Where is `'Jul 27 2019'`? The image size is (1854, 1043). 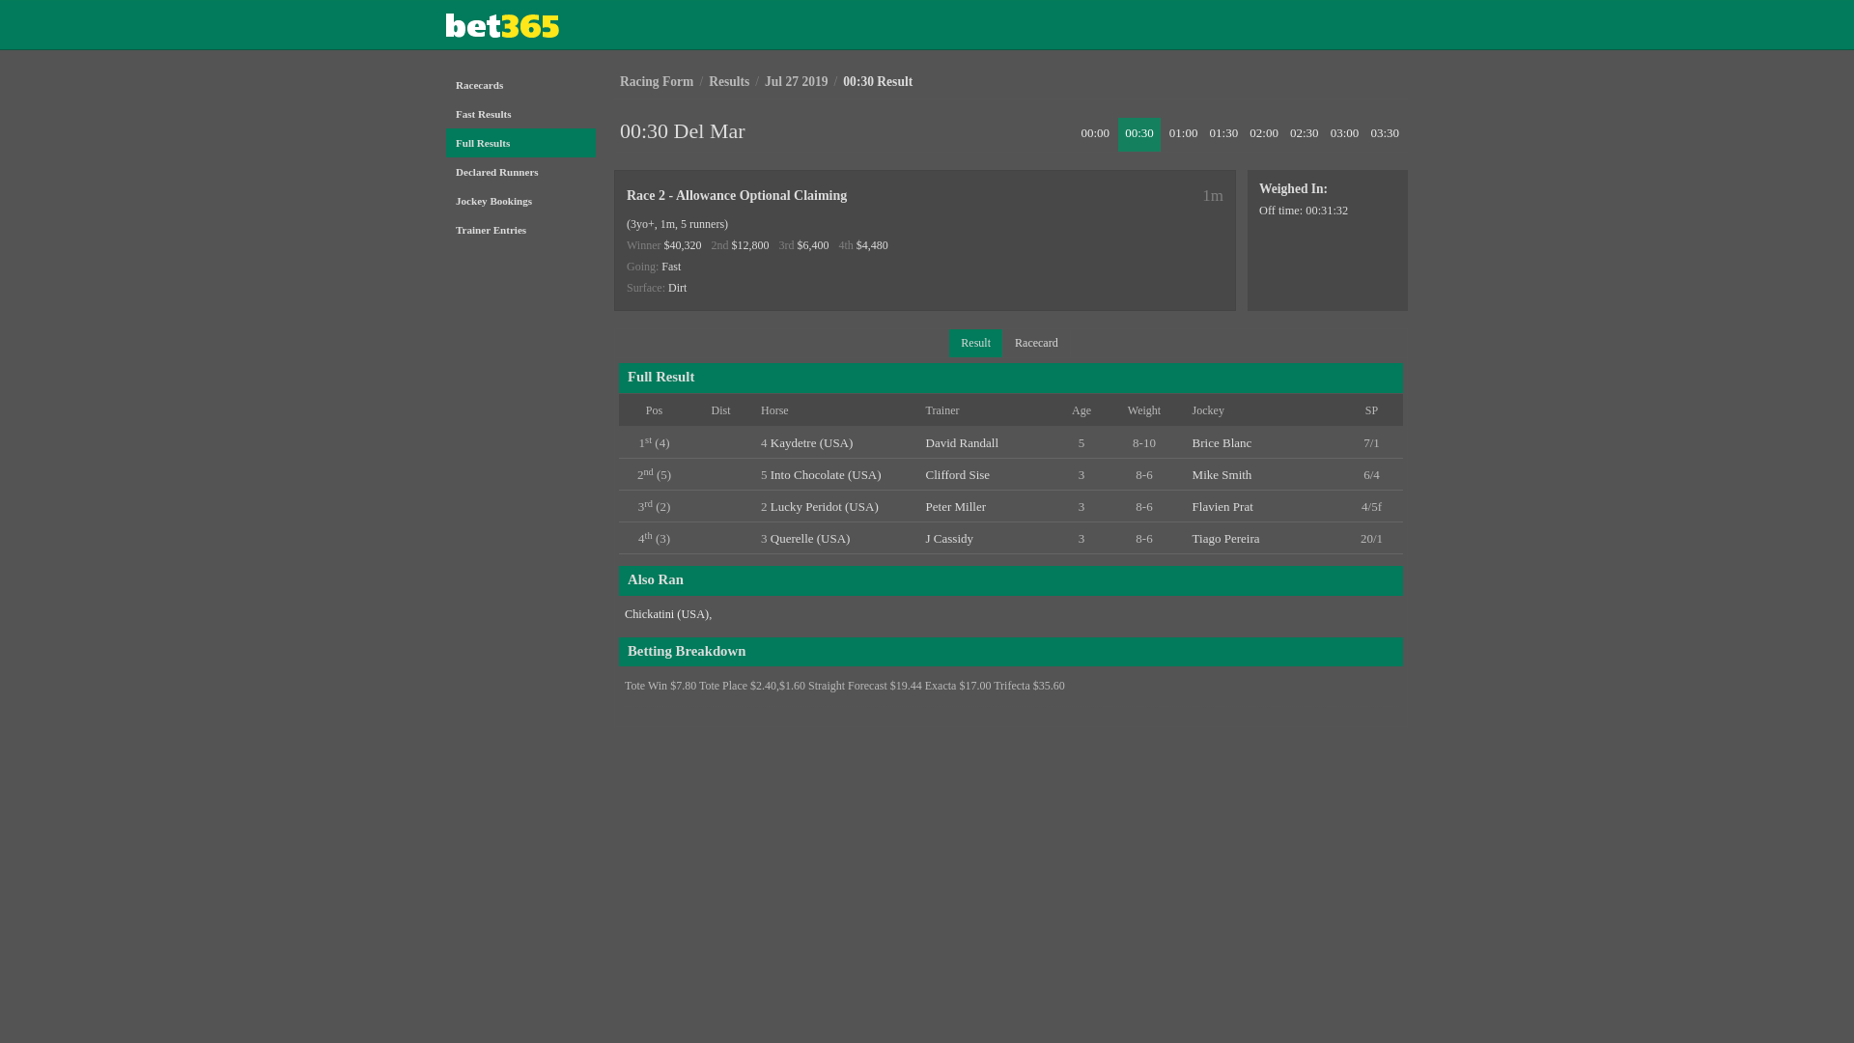
'Jul 27 2019' is located at coordinates (797, 80).